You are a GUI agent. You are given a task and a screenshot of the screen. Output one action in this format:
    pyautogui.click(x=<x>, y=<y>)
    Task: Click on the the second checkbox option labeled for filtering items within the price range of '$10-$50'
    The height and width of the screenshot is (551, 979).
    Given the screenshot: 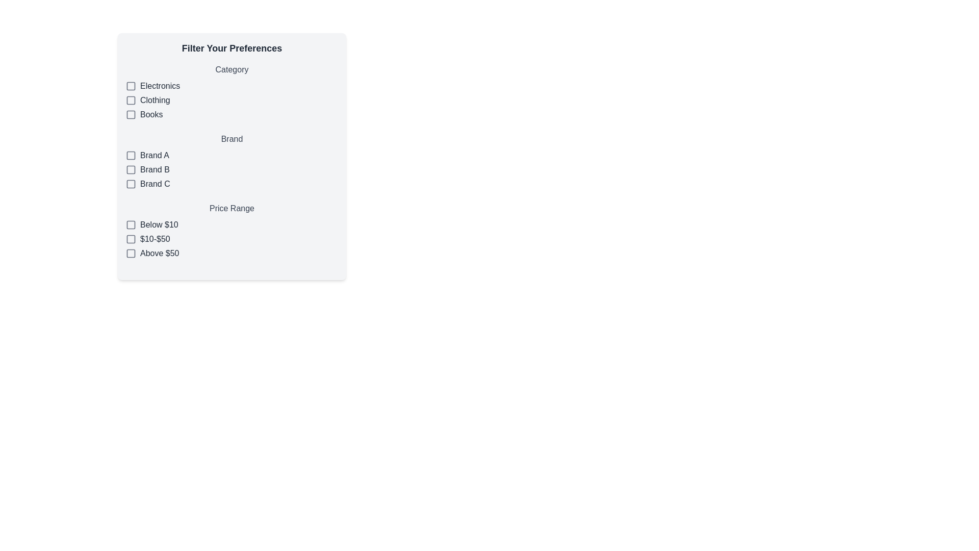 What is the action you would take?
    pyautogui.click(x=231, y=239)
    